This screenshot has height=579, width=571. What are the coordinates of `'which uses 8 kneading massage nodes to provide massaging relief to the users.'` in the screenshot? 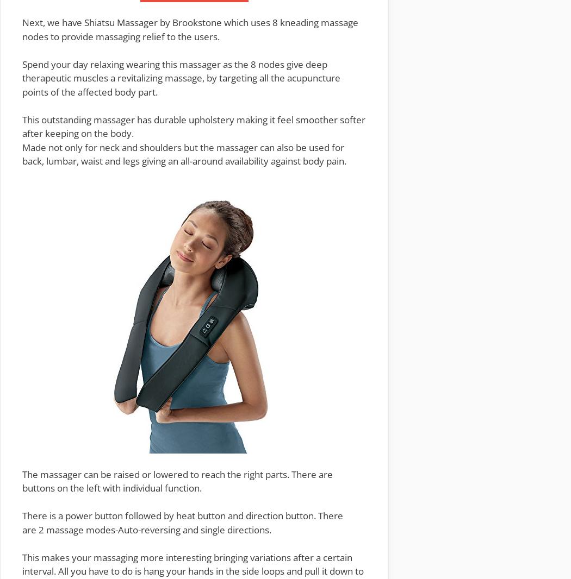 It's located at (189, 29).